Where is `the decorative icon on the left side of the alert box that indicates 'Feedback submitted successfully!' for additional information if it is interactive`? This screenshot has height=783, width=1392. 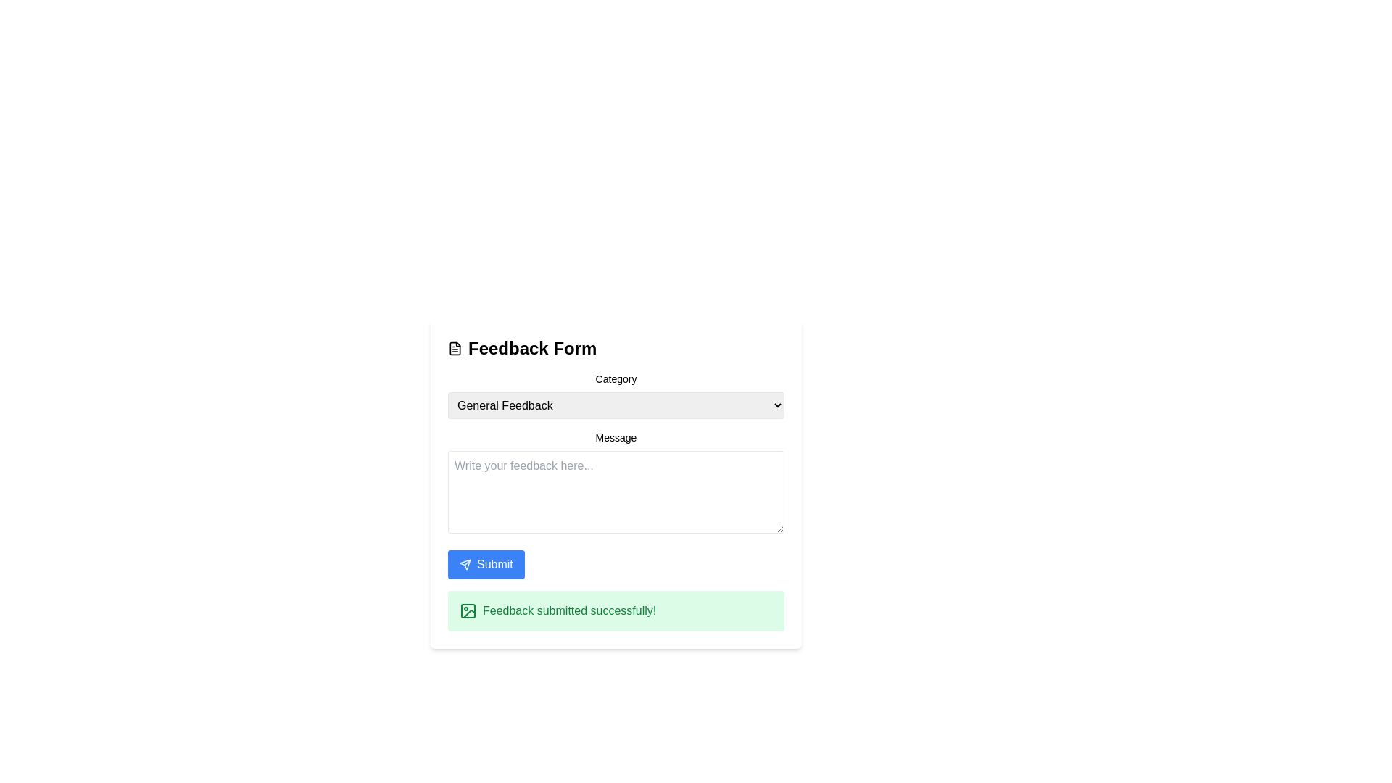 the decorative icon on the left side of the alert box that indicates 'Feedback submitted successfully!' for additional information if it is interactive is located at coordinates (468, 611).